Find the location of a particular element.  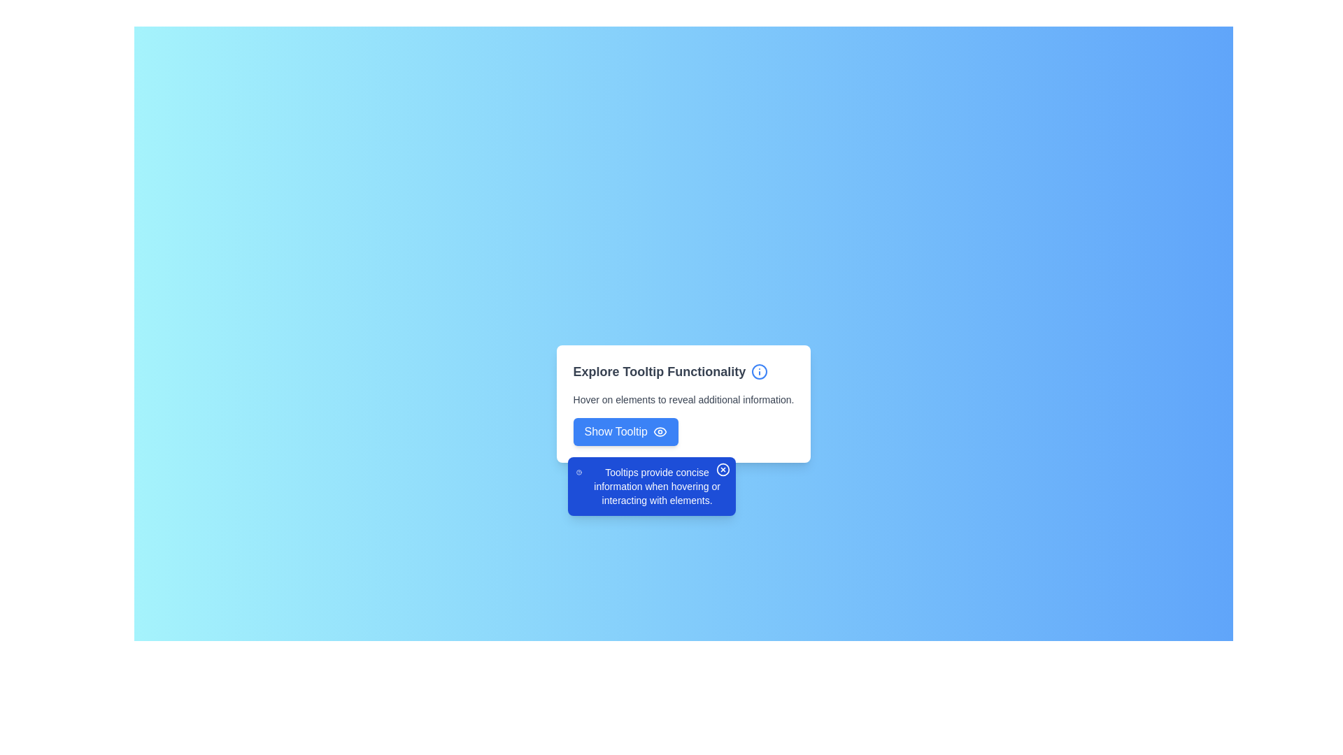

the Static Informational Text that contains the message 'Hover on elements is located at coordinates (683, 405).